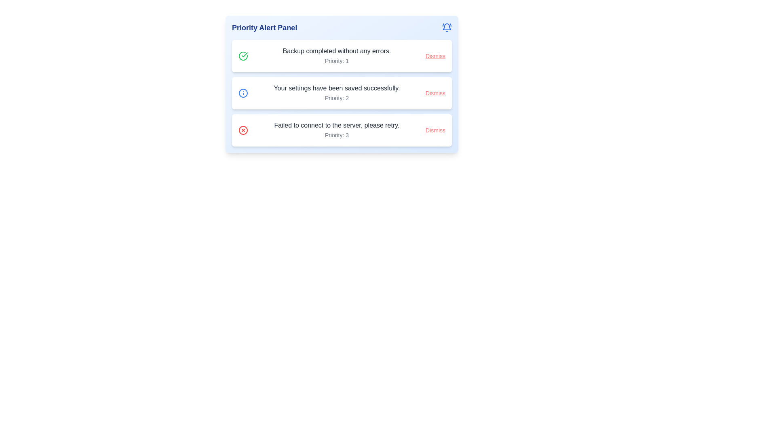 Image resolution: width=776 pixels, height=436 pixels. What do you see at coordinates (337, 130) in the screenshot?
I see `notification message indicating a failed server connection located in the third row of the notification panel, below the saved settings message and above the dismissal button` at bounding box center [337, 130].